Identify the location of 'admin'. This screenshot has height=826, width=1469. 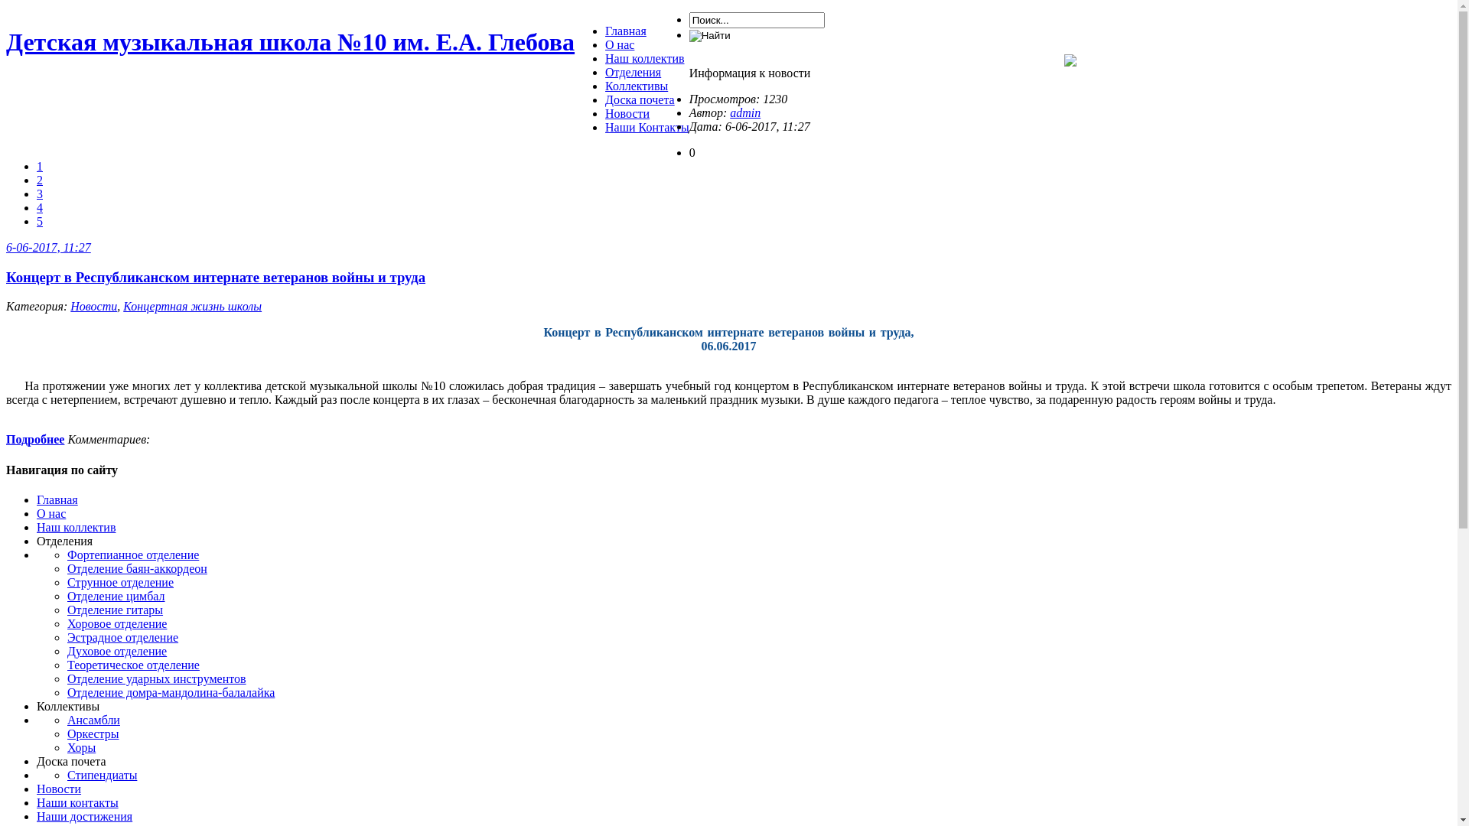
(745, 112).